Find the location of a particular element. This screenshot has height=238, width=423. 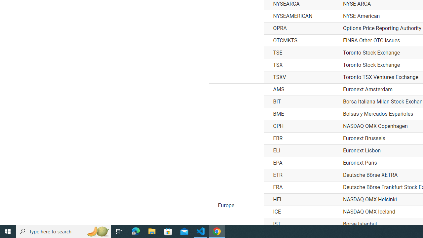

'BME' is located at coordinates (298, 114).